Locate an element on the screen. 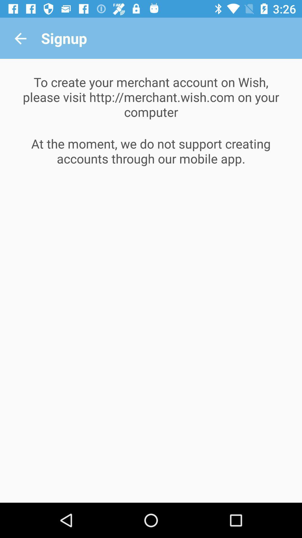 The width and height of the screenshot is (302, 538). the icon next to the signup item is located at coordinates (20, 38).